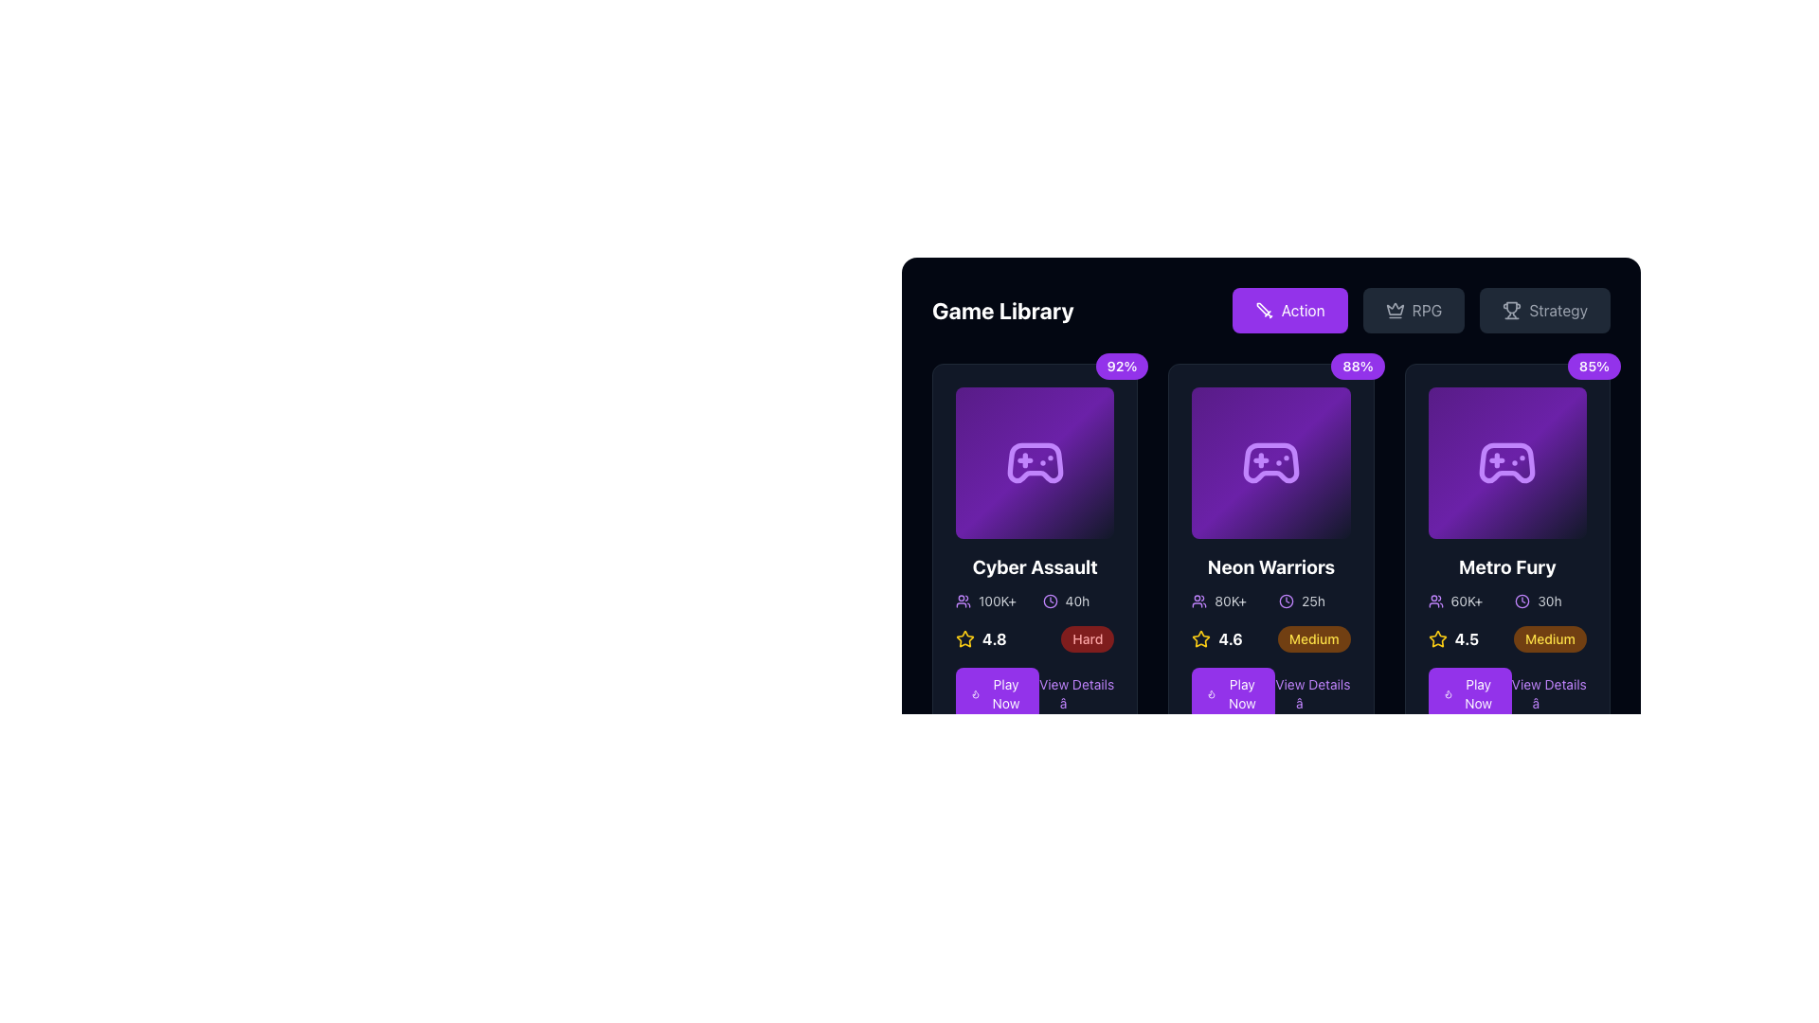  What do you see at coordinates (1078, 601) in the screenshot?
I see `the informational text element displaying '40 hours' associated with the 'Cyber Assault' game, located in the grid layout near the top-left corner of the game card` at bounding box center [1078, 601].